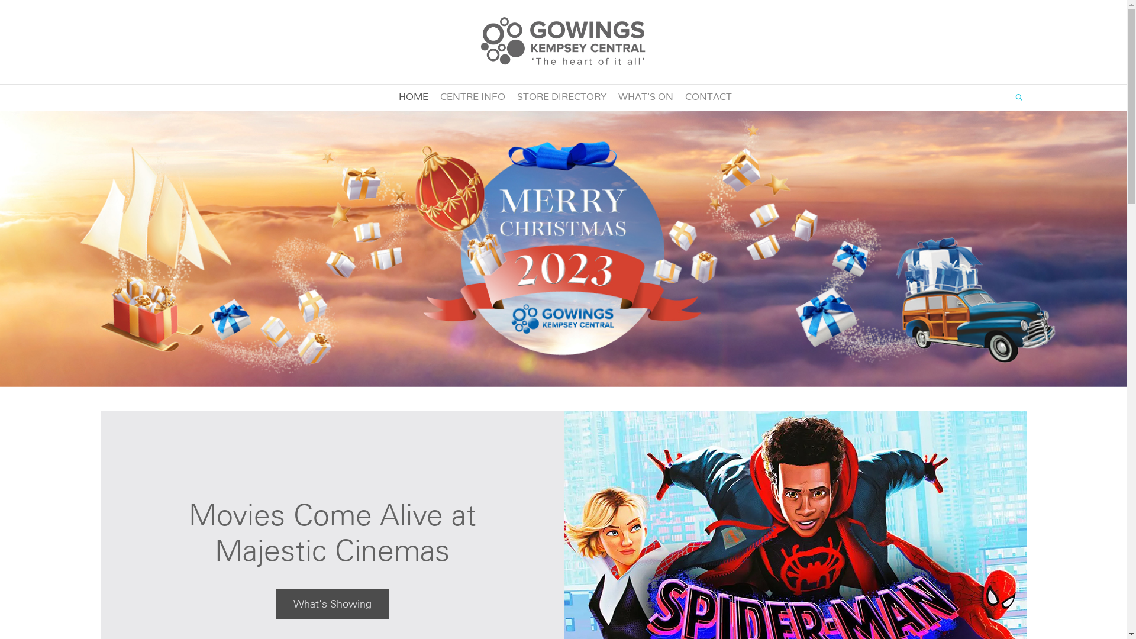 The height and width of the screenshot is (639, 1136). What do you see at coordinates (331, 604) in the screenshot?
I see `'What's Showing'` at bounding box center [331, 604].